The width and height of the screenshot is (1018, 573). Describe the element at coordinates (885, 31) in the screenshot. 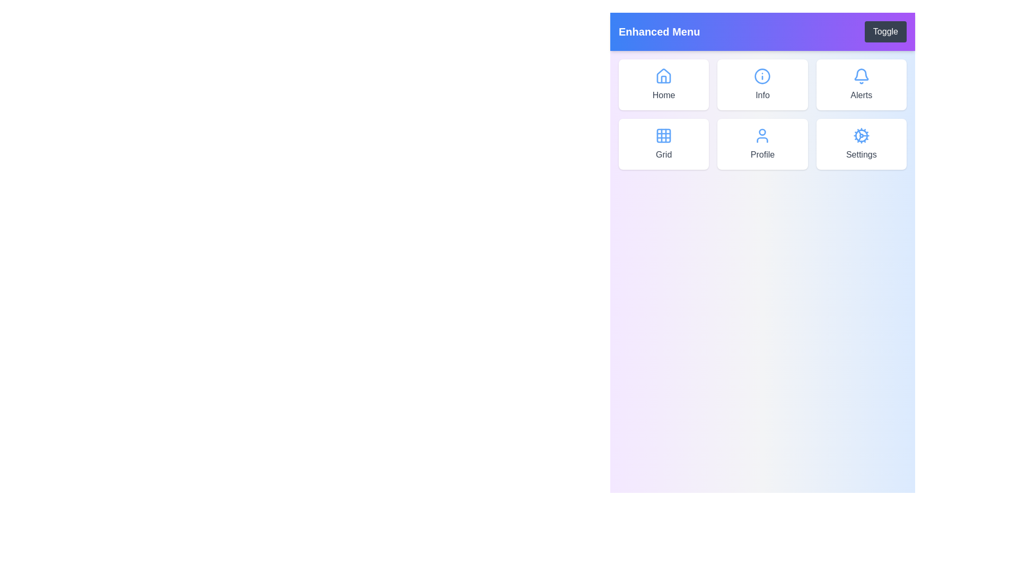

I see `the 'Toggle' button to ensure the menu items are visible for inspection` at that location.